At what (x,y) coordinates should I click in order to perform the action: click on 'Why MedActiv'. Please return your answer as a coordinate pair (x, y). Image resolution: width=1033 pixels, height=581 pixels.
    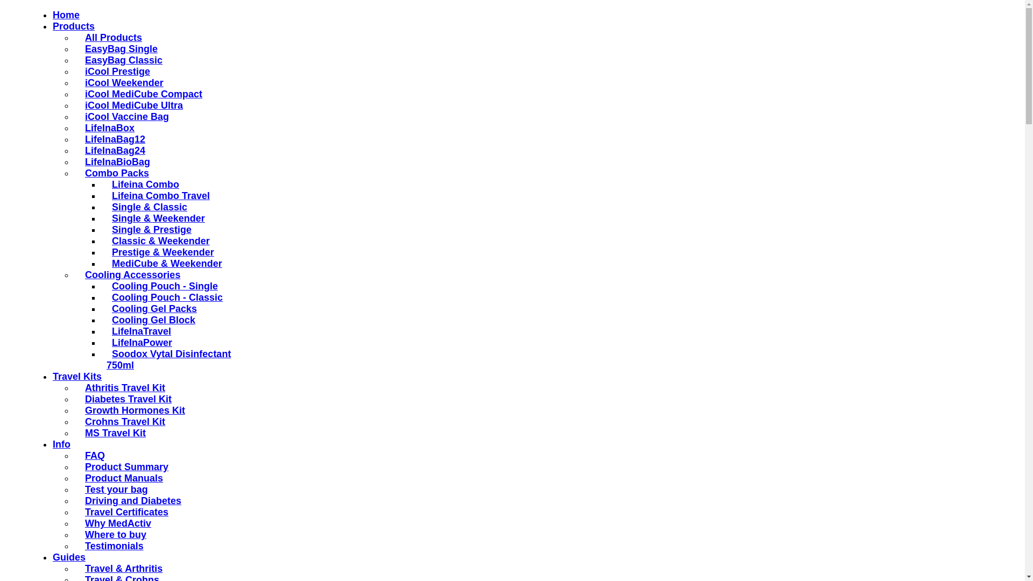
    Looking at the image, I should click on (115, 522).